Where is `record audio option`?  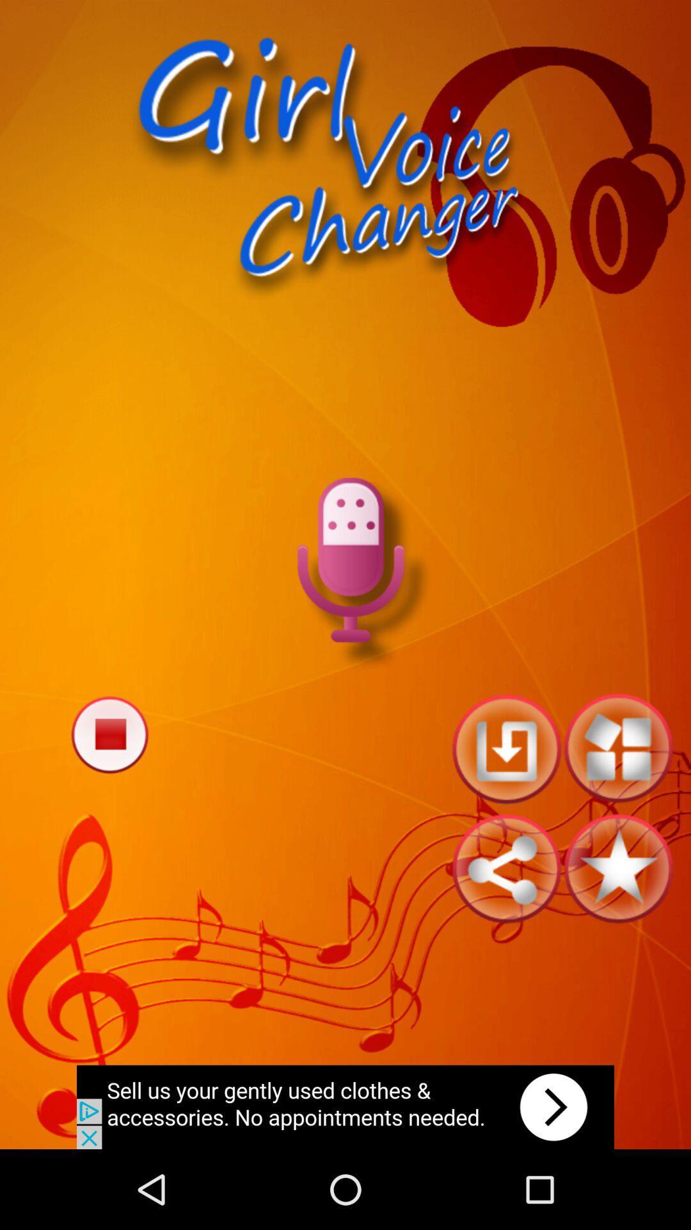 record audio option is located at coordinates (345, 574).